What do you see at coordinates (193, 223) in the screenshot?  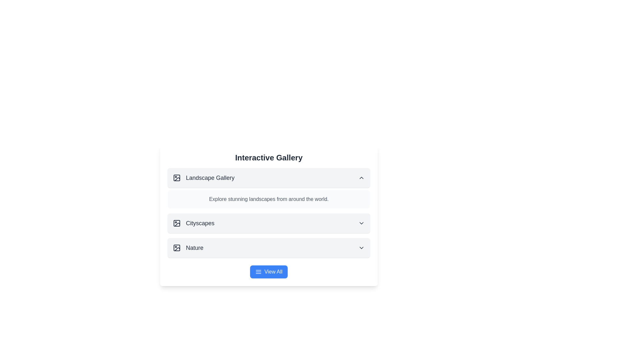 I see `the 'Cityscapes' selectable category in the list` at bounding box center [193, 223].